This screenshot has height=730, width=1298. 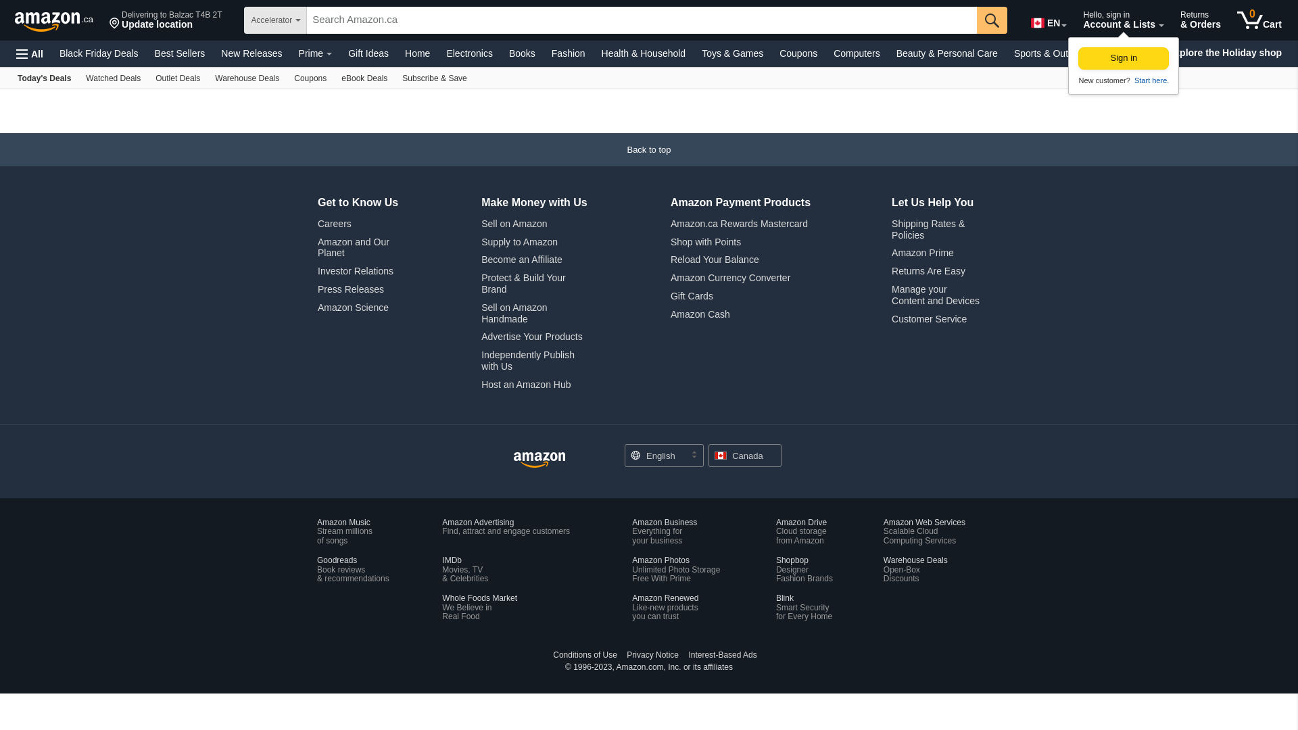 I want to click on 'Returns Are Easy', so click(x=928, y=271).